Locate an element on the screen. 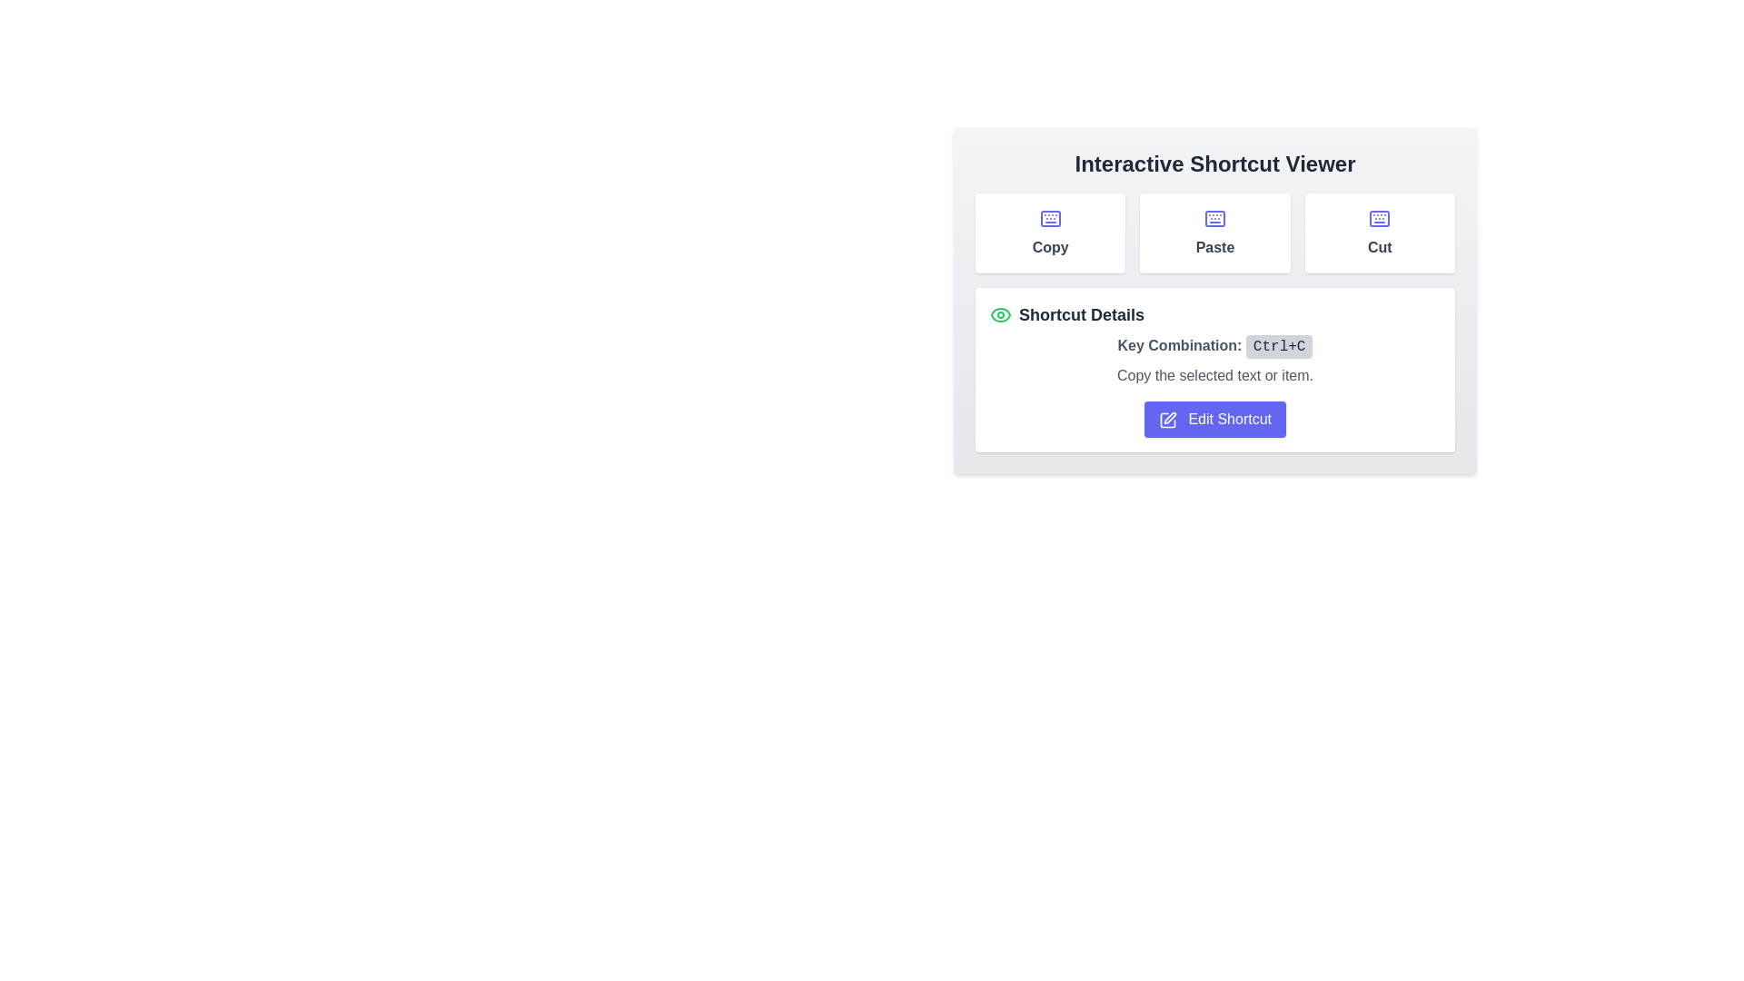  the informative panel displaying the keyboard shortcut details for 'Copy', which includes the title 'Shortcut Details', the key combination 'Ctrl+C', and the 'Edit Shortcut' purple button is located at coordinates (1215, 321).